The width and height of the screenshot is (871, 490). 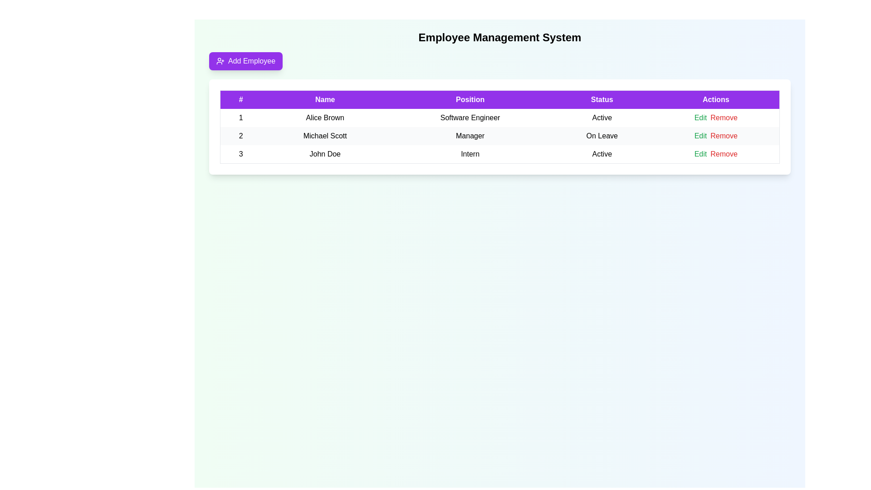 I want to click on the 'Remove' navigational link, which is styled in red and located within the 'Actions' column of a table, so click(x=724, y=117).